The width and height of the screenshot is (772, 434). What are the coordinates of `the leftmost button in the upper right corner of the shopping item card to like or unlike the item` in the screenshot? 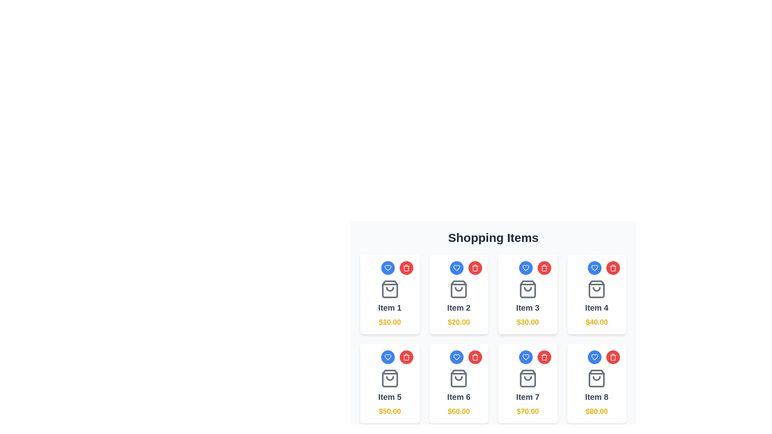 It's located at (594, 268).